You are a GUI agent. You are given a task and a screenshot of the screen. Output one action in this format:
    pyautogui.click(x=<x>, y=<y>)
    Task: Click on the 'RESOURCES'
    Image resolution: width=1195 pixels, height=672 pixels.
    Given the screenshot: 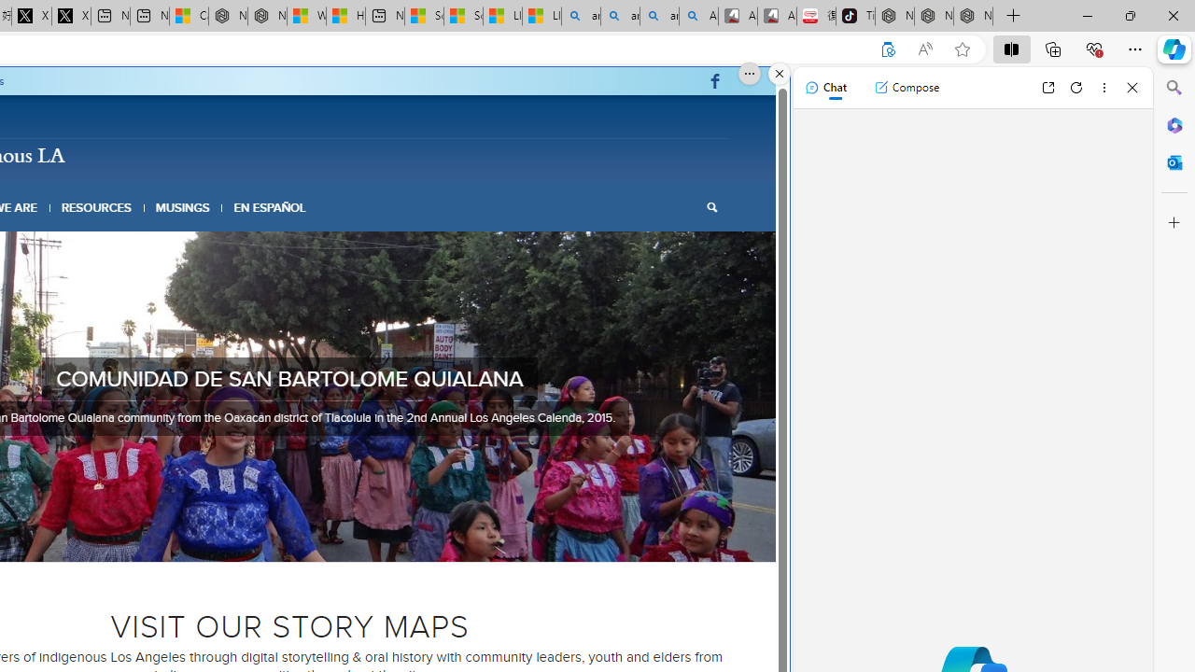 What is the action you would take?
    pyautogui.click(x=95, y=207)
    